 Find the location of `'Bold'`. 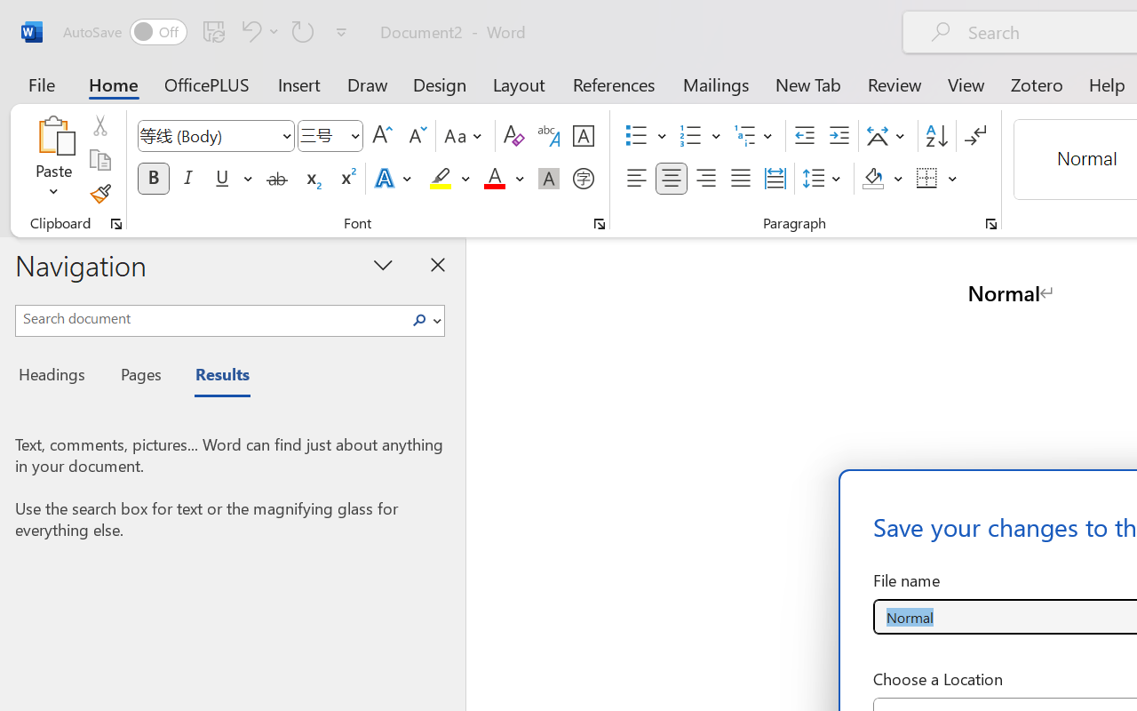

'Bold' is located at coordinates (153, 179).